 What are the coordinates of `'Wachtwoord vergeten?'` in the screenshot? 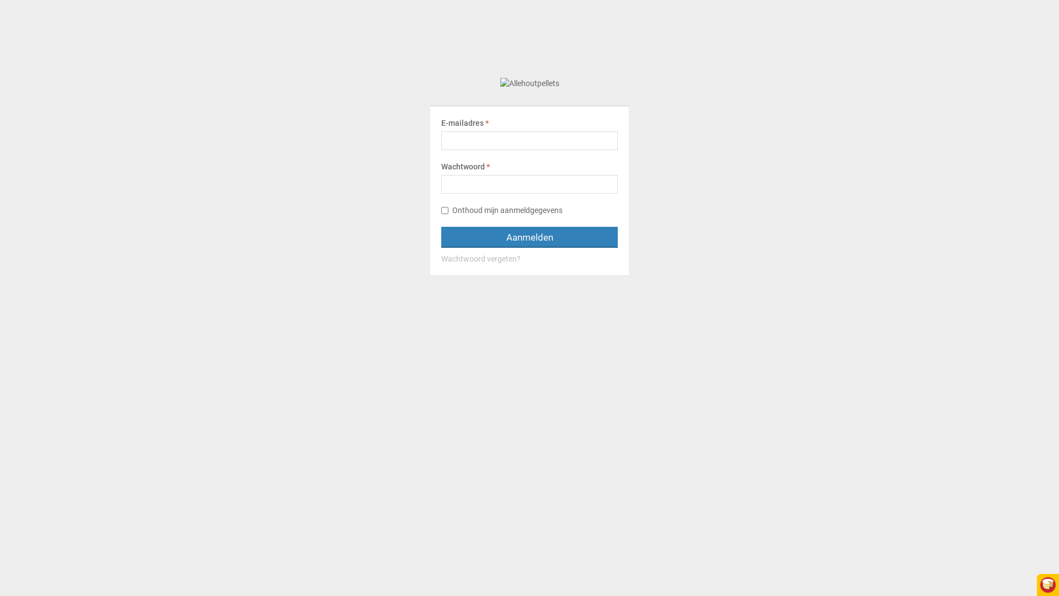 It's located at (529, 259).